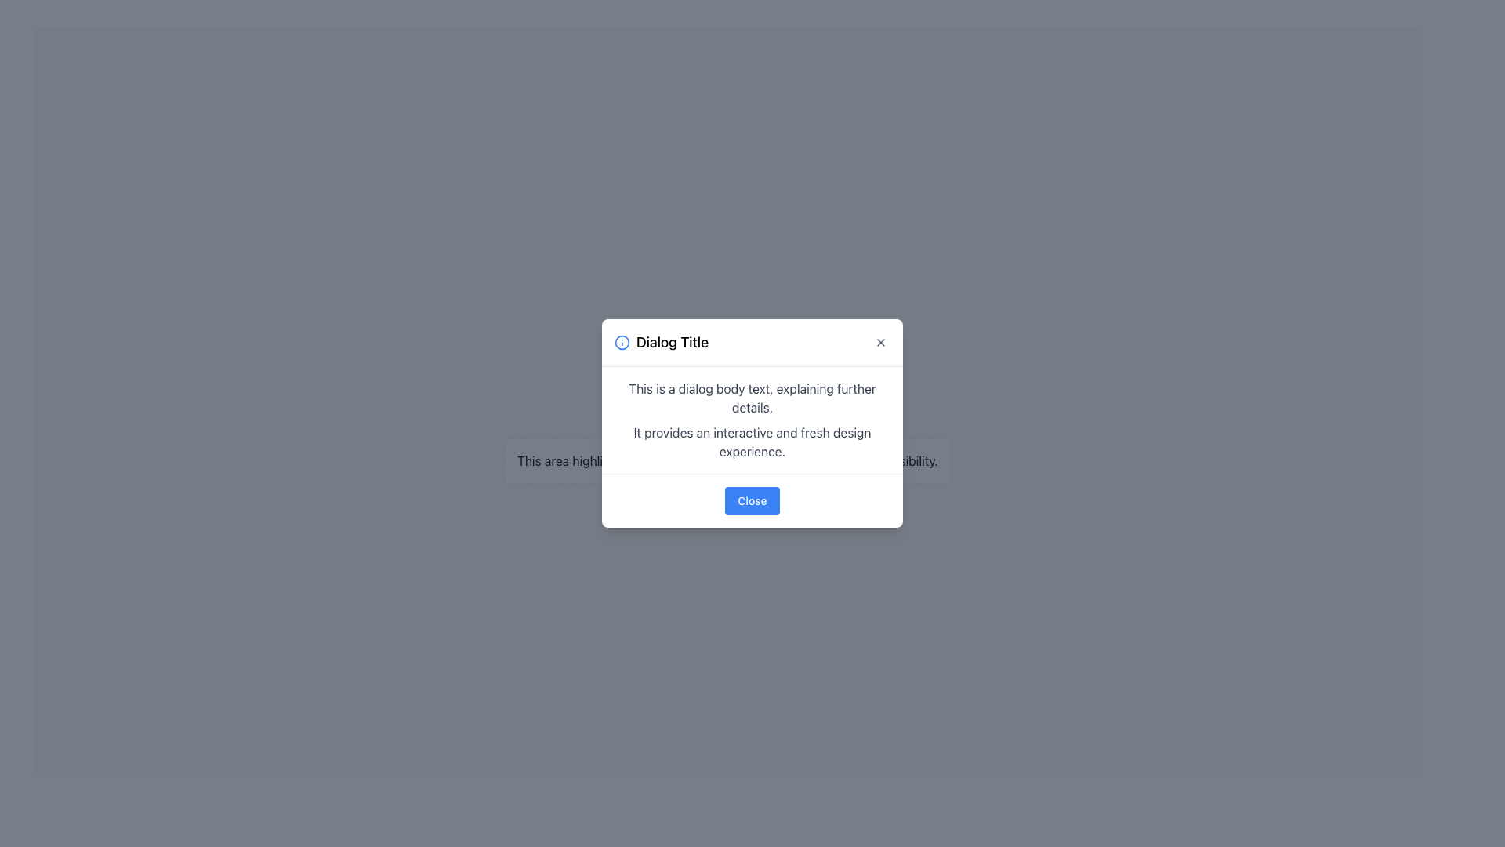  Describe the element at coordinates (752, 501) in the screenshot. I see `the close button located at the bottom-center of the dialog box to change its background color` at that location.